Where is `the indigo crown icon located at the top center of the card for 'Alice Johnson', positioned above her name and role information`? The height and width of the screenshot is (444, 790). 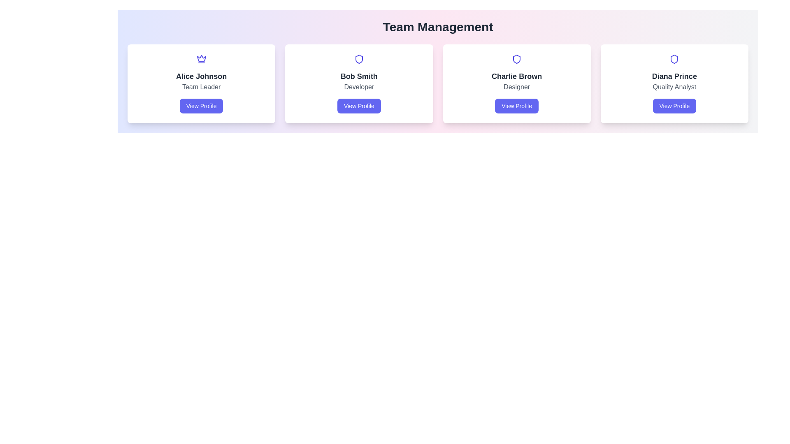 the indigo crown icon located at the top center of the card for 'Alice Johnson', positioned above her name and role information is located at coordinates (201, 58).